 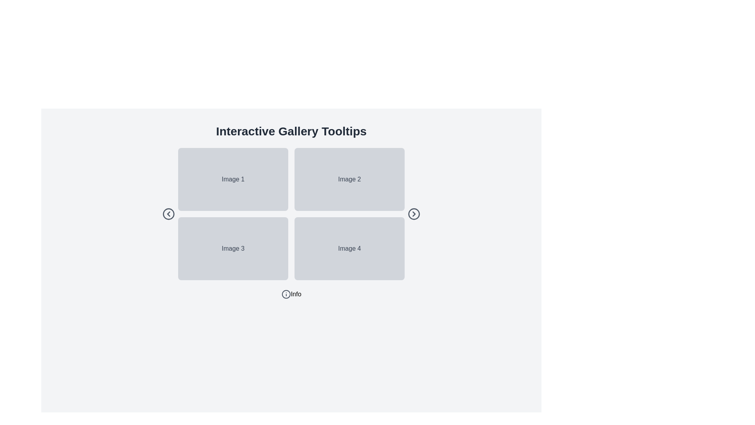 I want to click on the second card in the interactive gallery, located in the top-right position of the grid layout, so click(x=349, y=179).